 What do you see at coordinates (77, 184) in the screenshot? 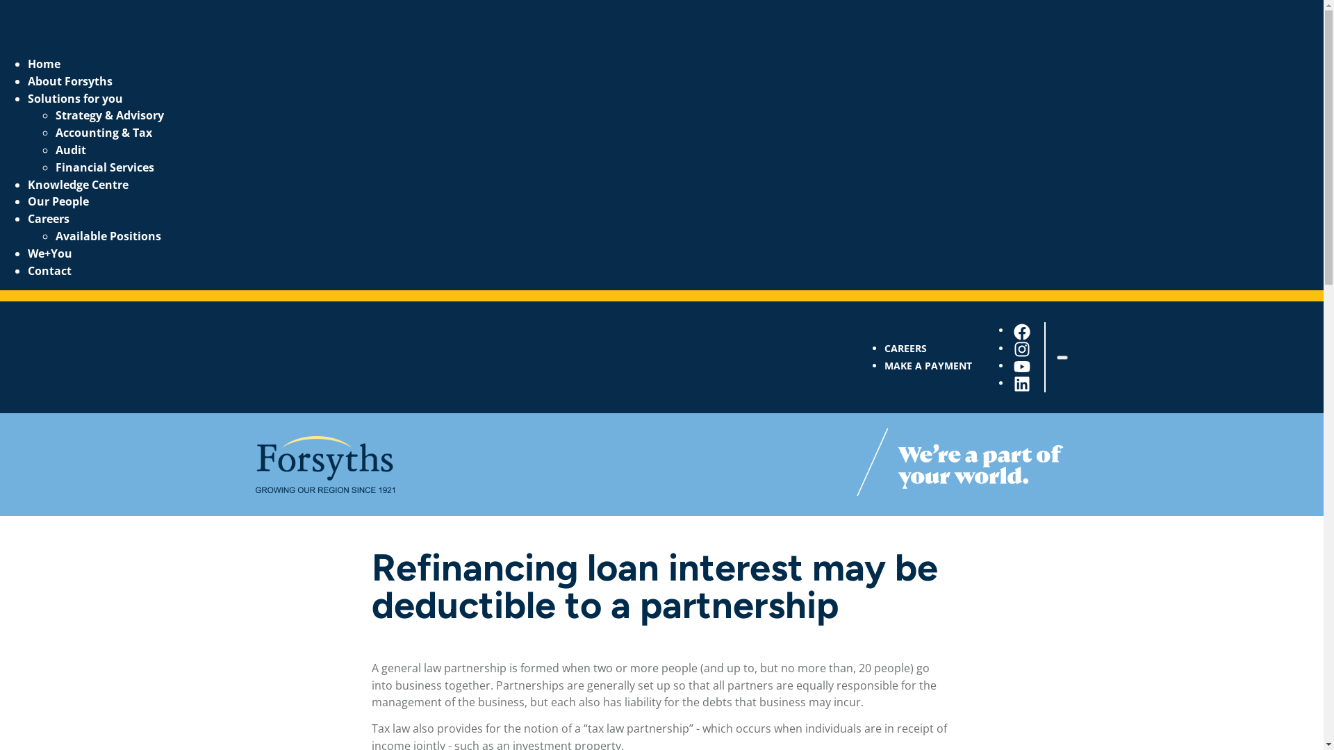
I see `'Knowledge Centre'` at bounding box center [77, 184].